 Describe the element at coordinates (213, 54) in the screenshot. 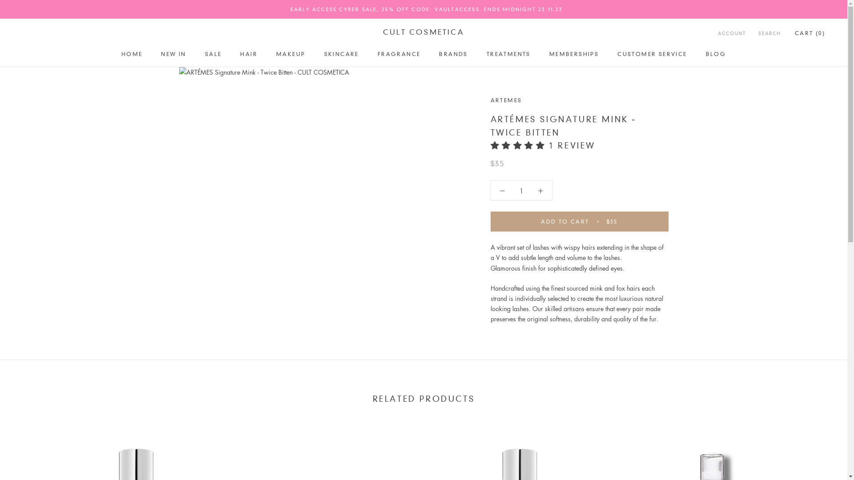

I see `'SALE` at that location.